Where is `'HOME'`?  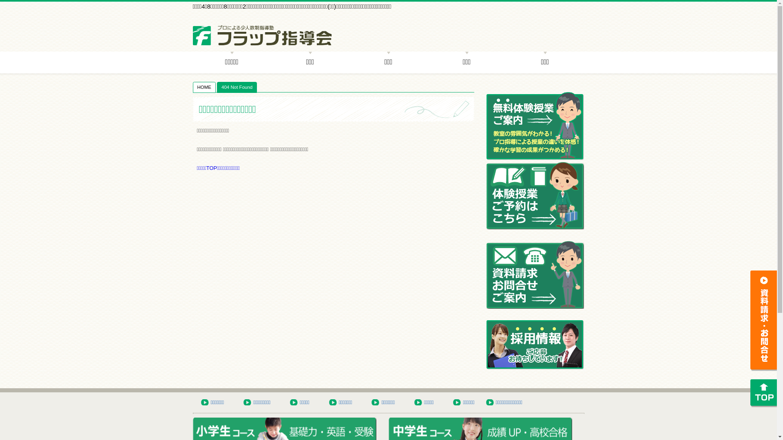
'HOME' is located at coordinates (204, 87).